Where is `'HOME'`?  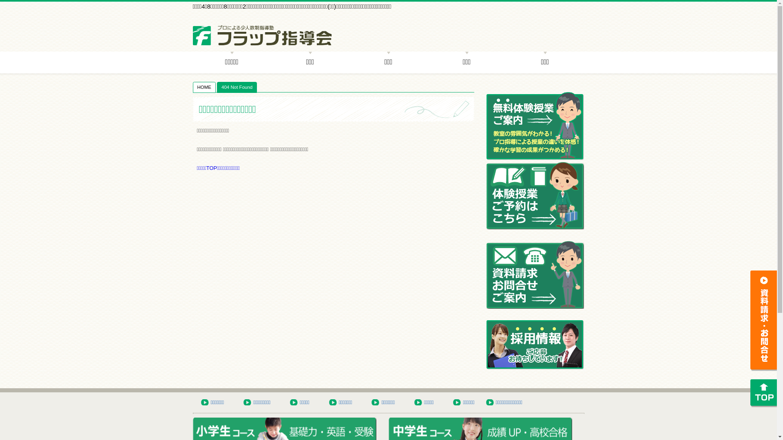
'HOME' is located at coordinates (204, 87).